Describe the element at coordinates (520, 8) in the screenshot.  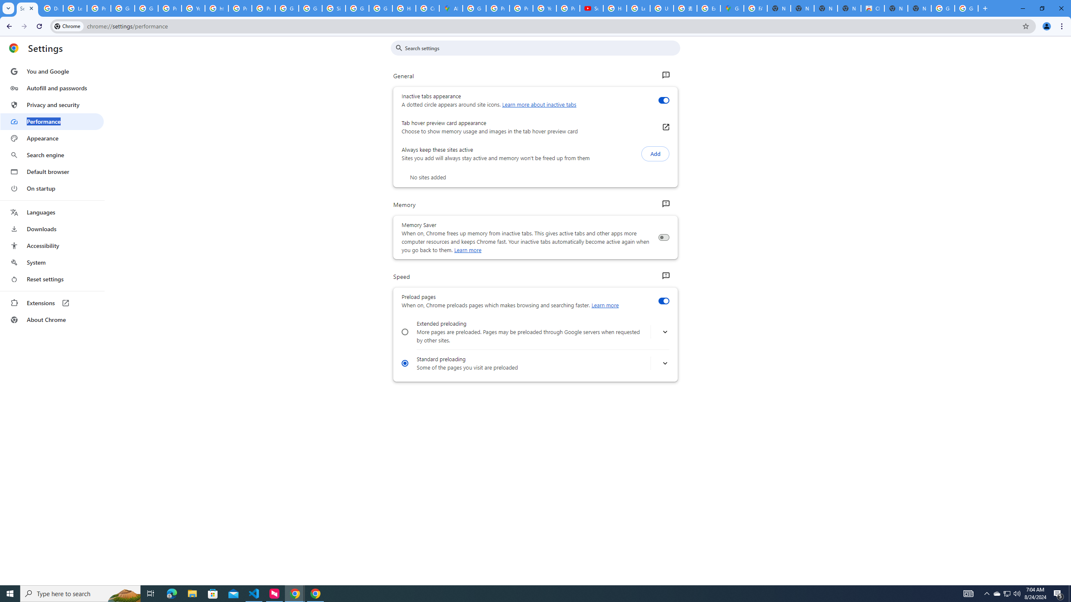
I see `'Privacy Help Center - Policies Help'` at that location.